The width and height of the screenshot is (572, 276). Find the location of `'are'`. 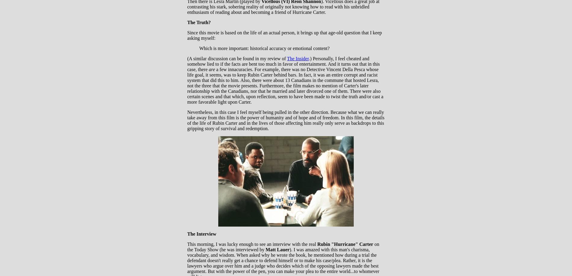

'are' is located at coordinates (212, 69).